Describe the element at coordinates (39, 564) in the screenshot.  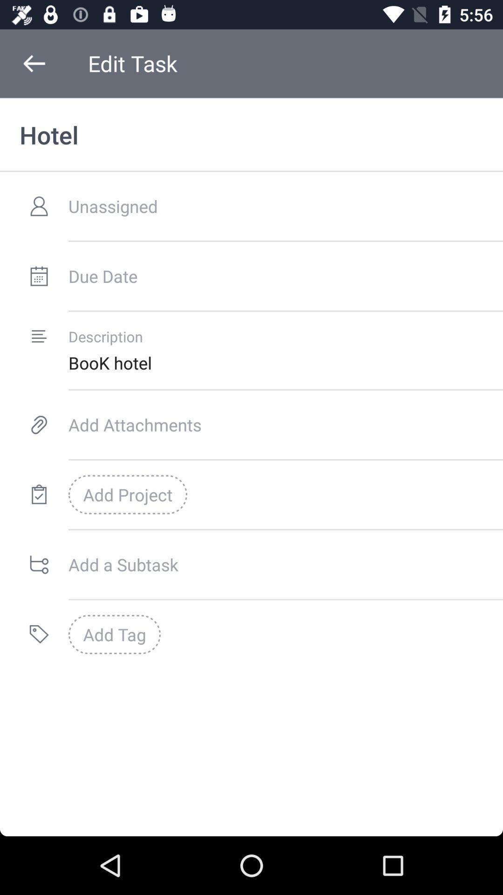
I see `the symbol which is to the immediate left of add a subtask` at that location.